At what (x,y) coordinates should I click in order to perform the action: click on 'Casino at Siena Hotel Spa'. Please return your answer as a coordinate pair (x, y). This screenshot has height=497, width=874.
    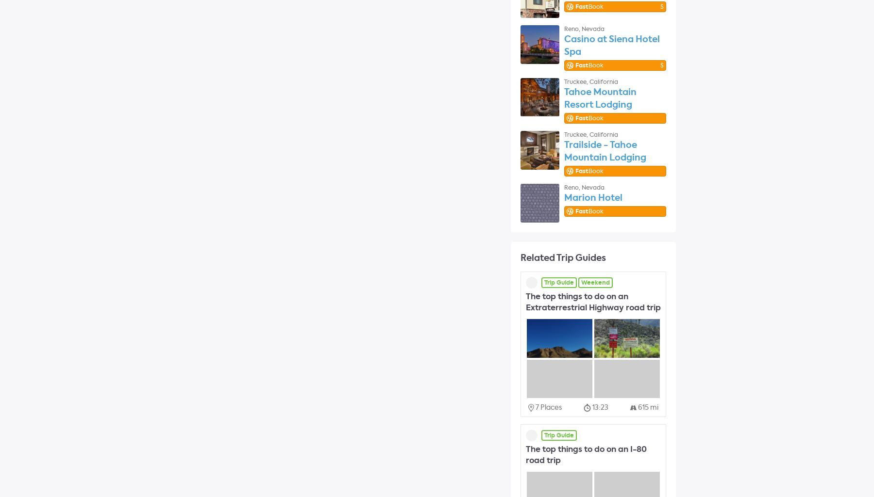
    Looking at the image, I should click on (612, 45).